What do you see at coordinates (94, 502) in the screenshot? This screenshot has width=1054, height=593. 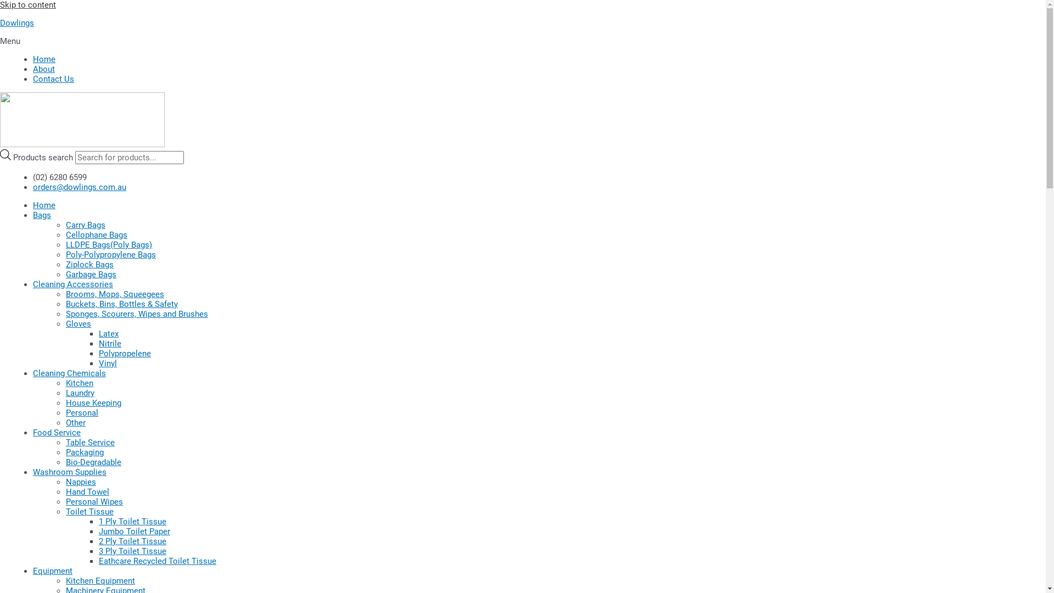 I see `'Personal Wipes'` at bounding box center [94, 502].